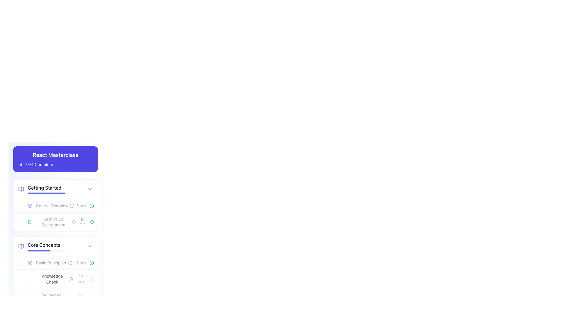 The image size is (566, 318). What do you see at coordinates (42, 189) in the screenshot?
I see `the 'Getting Started' text label with an open book icon` at bounding box center [42, 189].